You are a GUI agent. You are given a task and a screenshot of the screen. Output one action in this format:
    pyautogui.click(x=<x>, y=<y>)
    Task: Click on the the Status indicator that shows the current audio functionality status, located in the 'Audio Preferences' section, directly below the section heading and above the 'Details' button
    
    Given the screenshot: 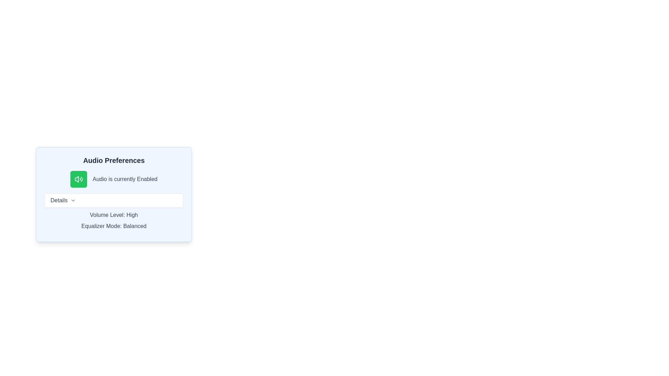 What is the action you would take?
    pyautogui.click(x=114, y=179)
    